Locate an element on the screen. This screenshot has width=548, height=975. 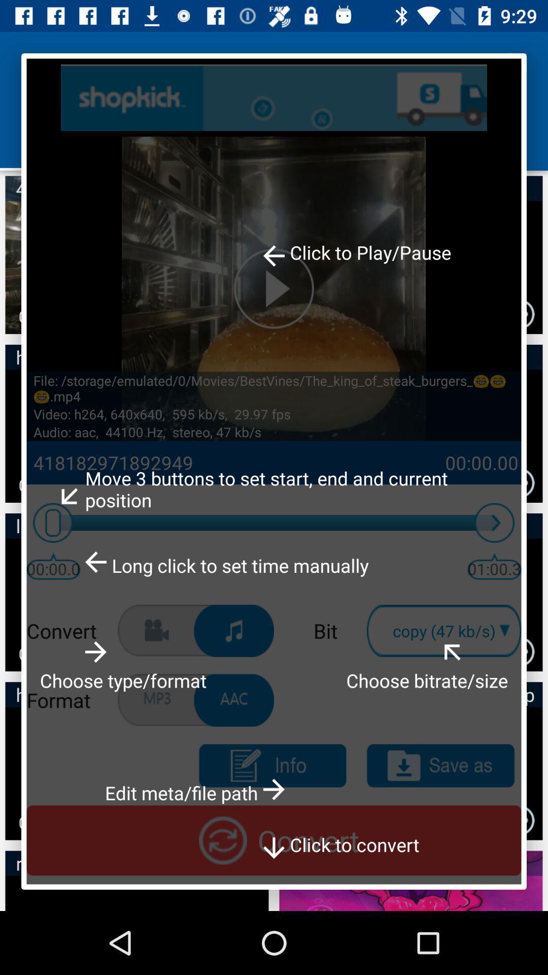
shopkick box is located at coordinates (274, 97).